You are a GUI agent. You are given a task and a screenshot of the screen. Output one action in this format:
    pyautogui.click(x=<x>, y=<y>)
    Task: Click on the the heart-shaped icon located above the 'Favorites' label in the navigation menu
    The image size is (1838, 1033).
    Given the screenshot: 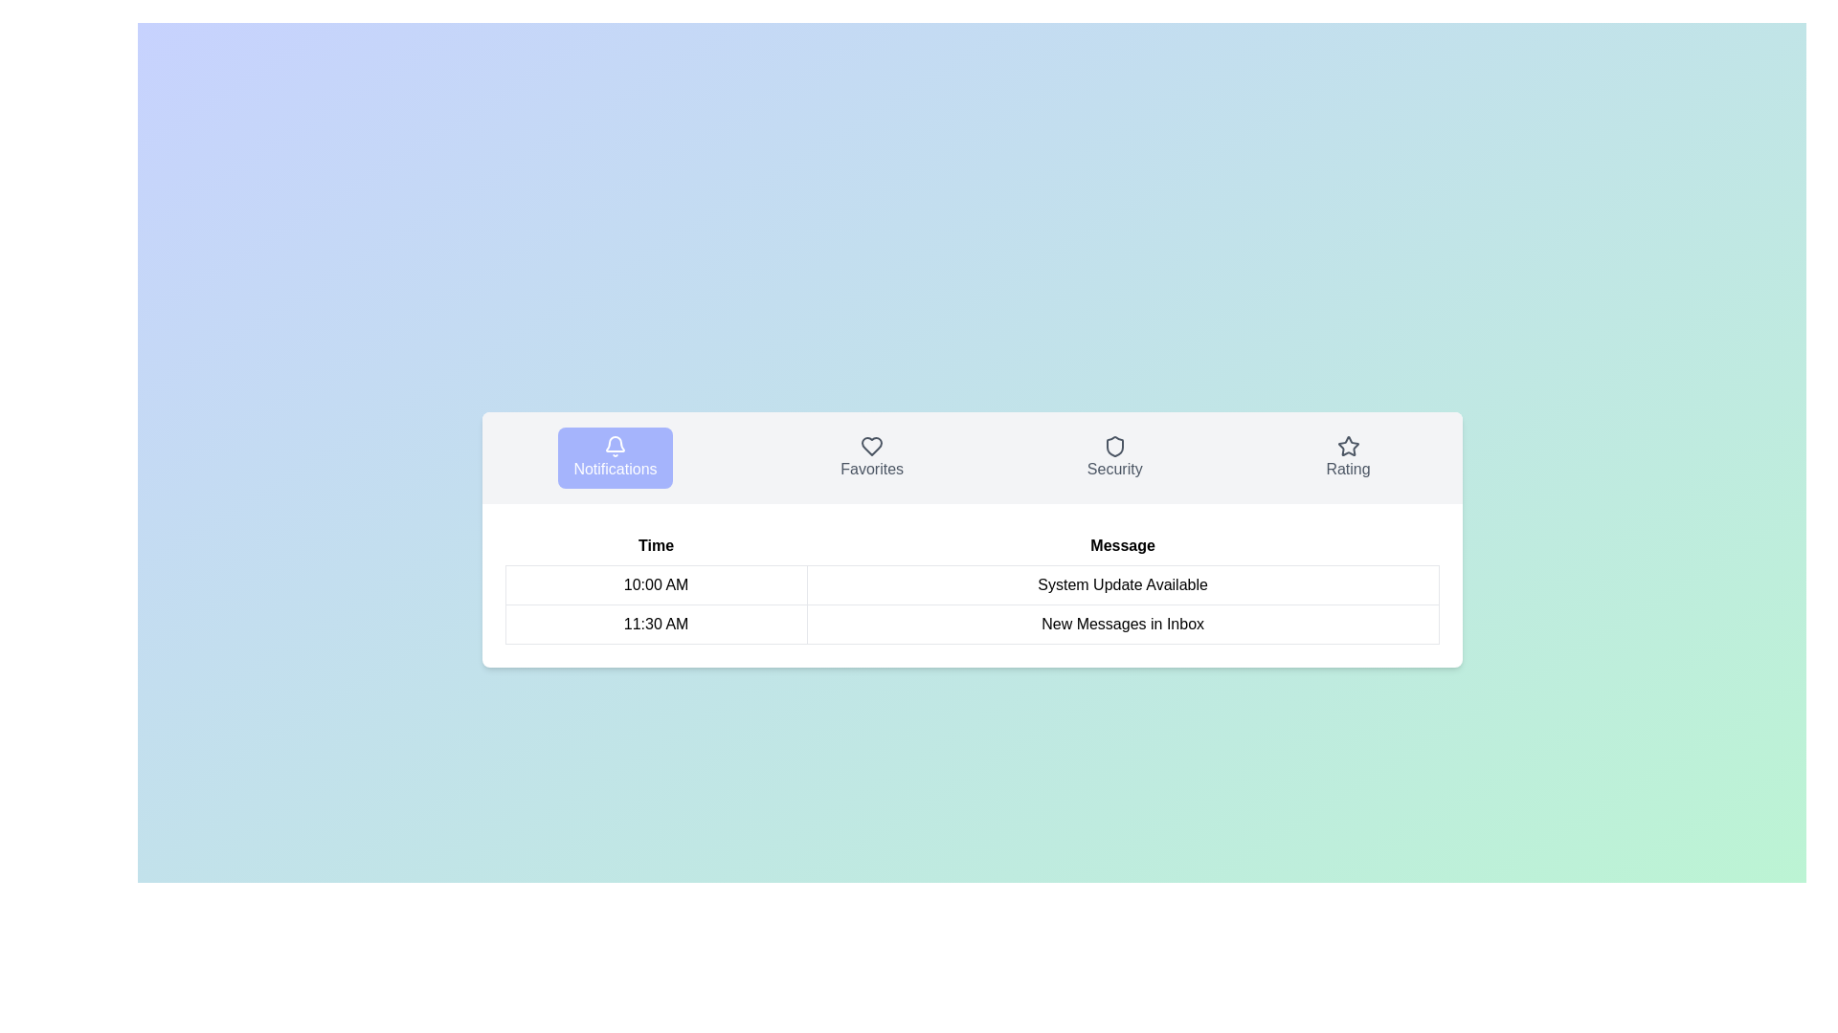 What is the action you would take?
    pyautogui.click(x=871, y=446)
    